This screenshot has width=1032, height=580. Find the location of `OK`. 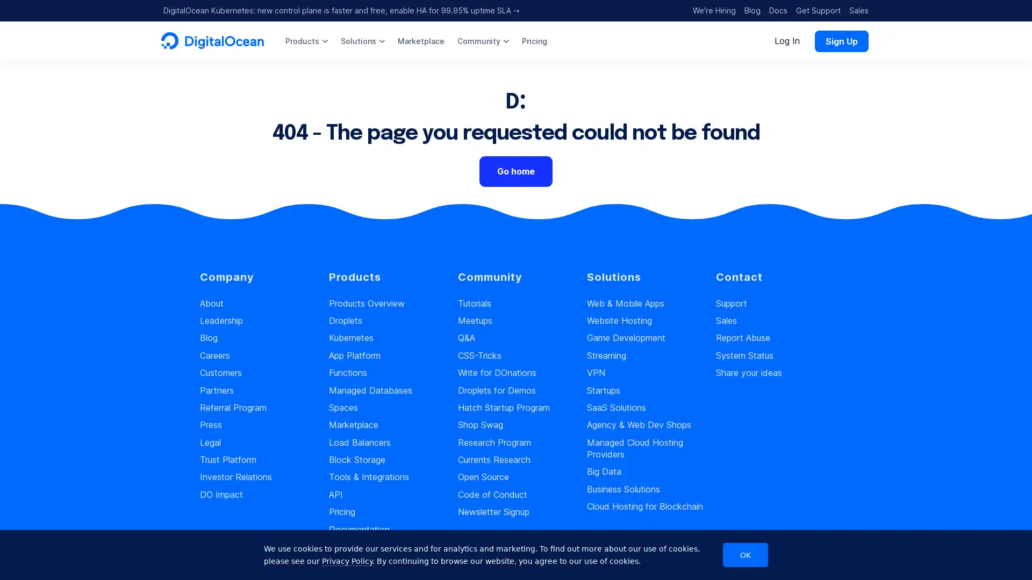

OK is located at coordinates (745, 555).